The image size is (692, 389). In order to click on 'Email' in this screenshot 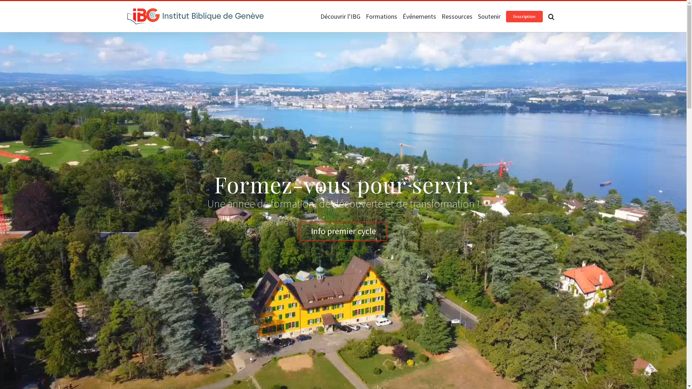, I will do `click(155, 8)`.